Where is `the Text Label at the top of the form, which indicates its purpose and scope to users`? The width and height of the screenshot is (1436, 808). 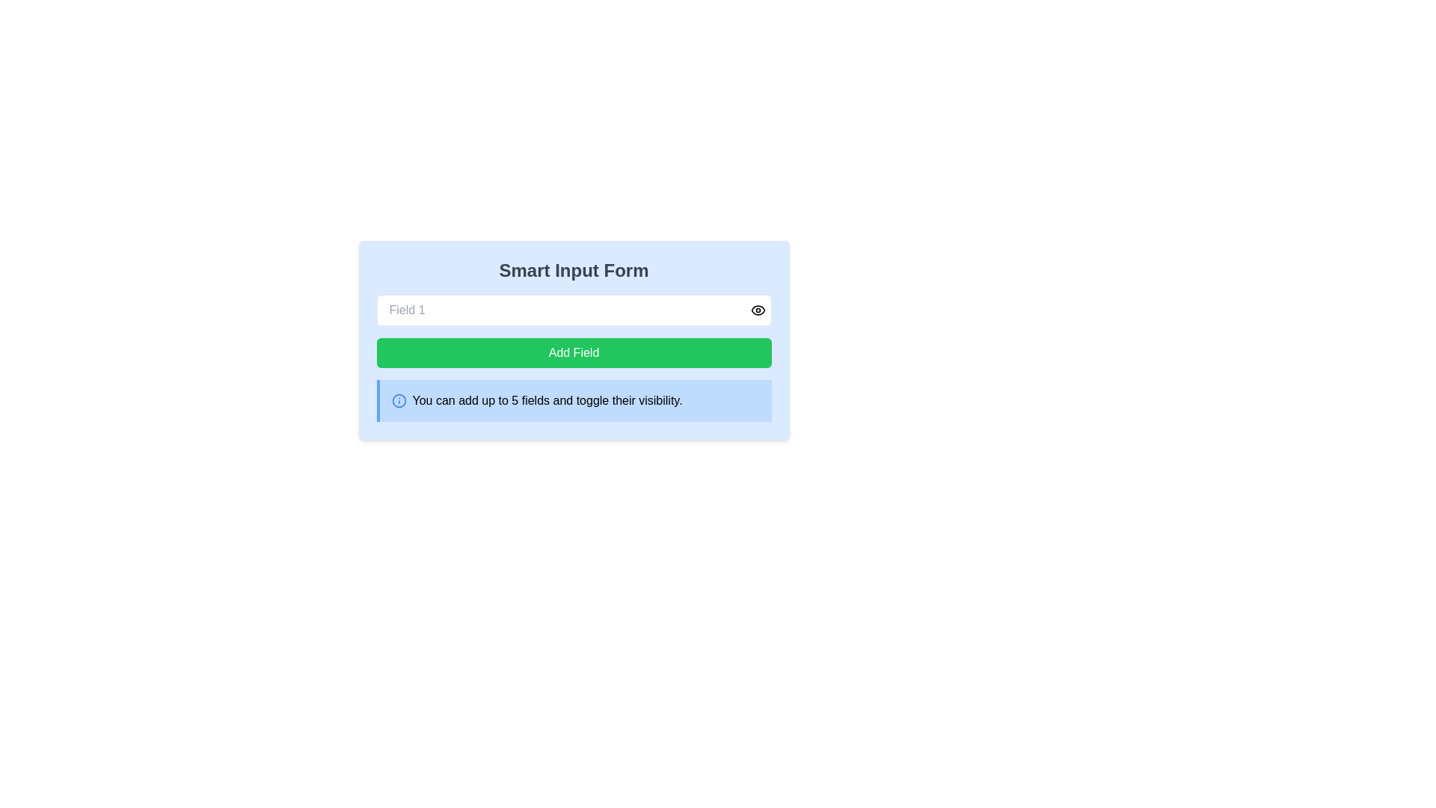
the Text Label at the top of the form, which indicates its purpose and scope to users is located at coordinates (573, 271).